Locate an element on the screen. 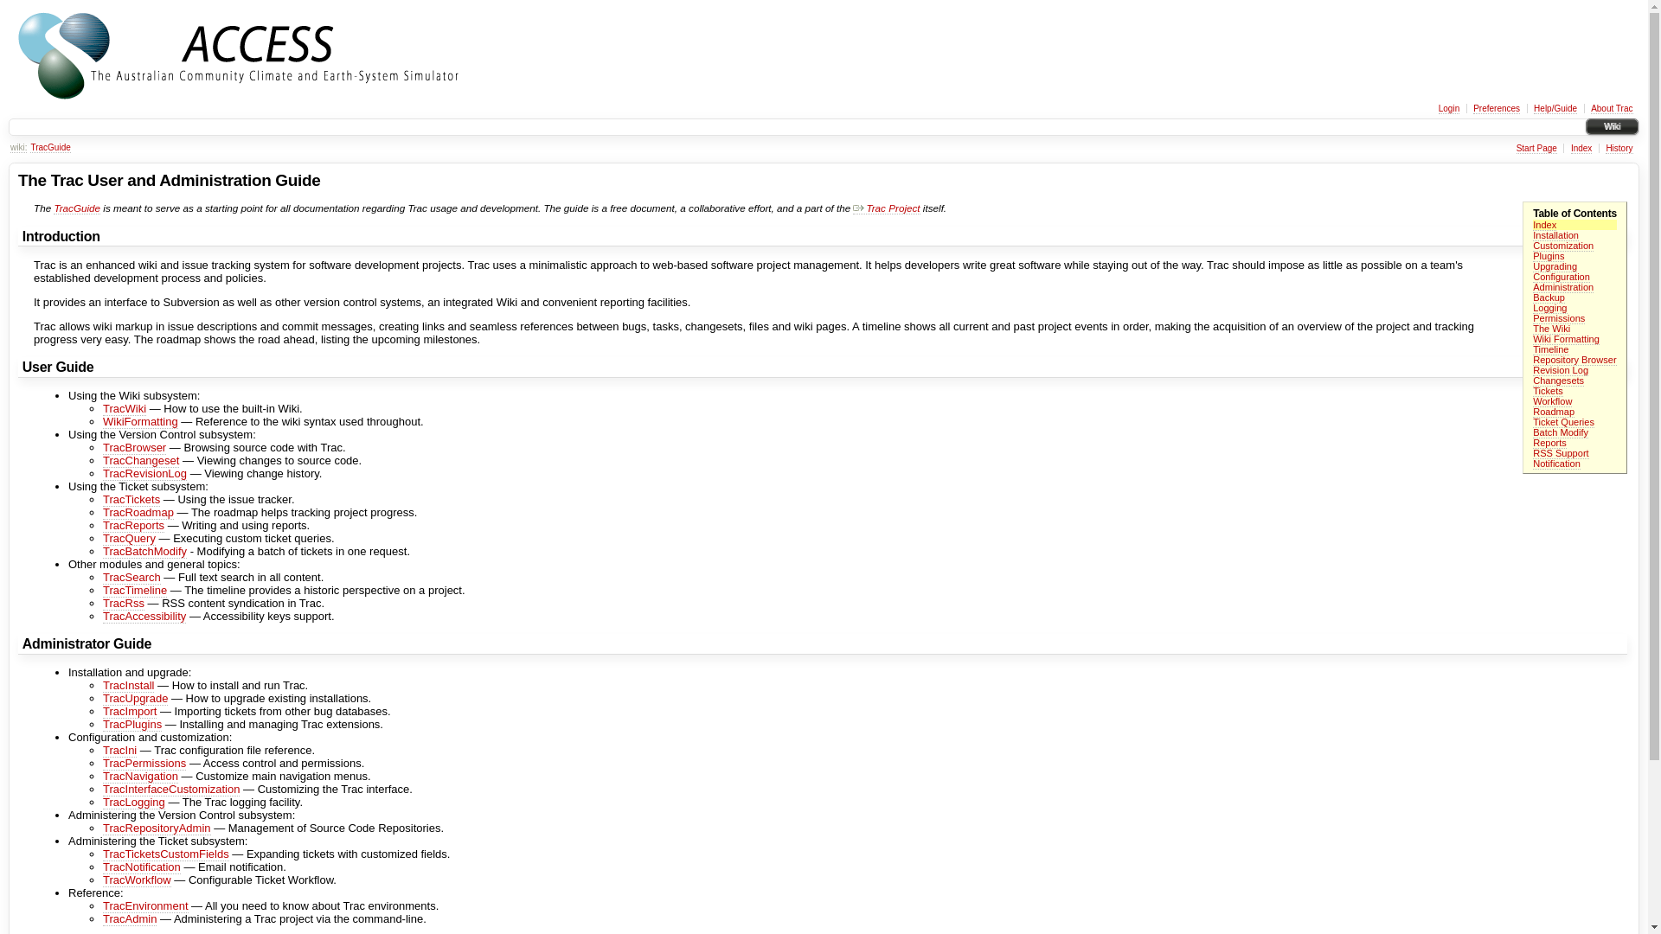 Image resolution: width=1661 pixels, height=934 pixels. 'TracReports' is located at coordinates (132, 525).